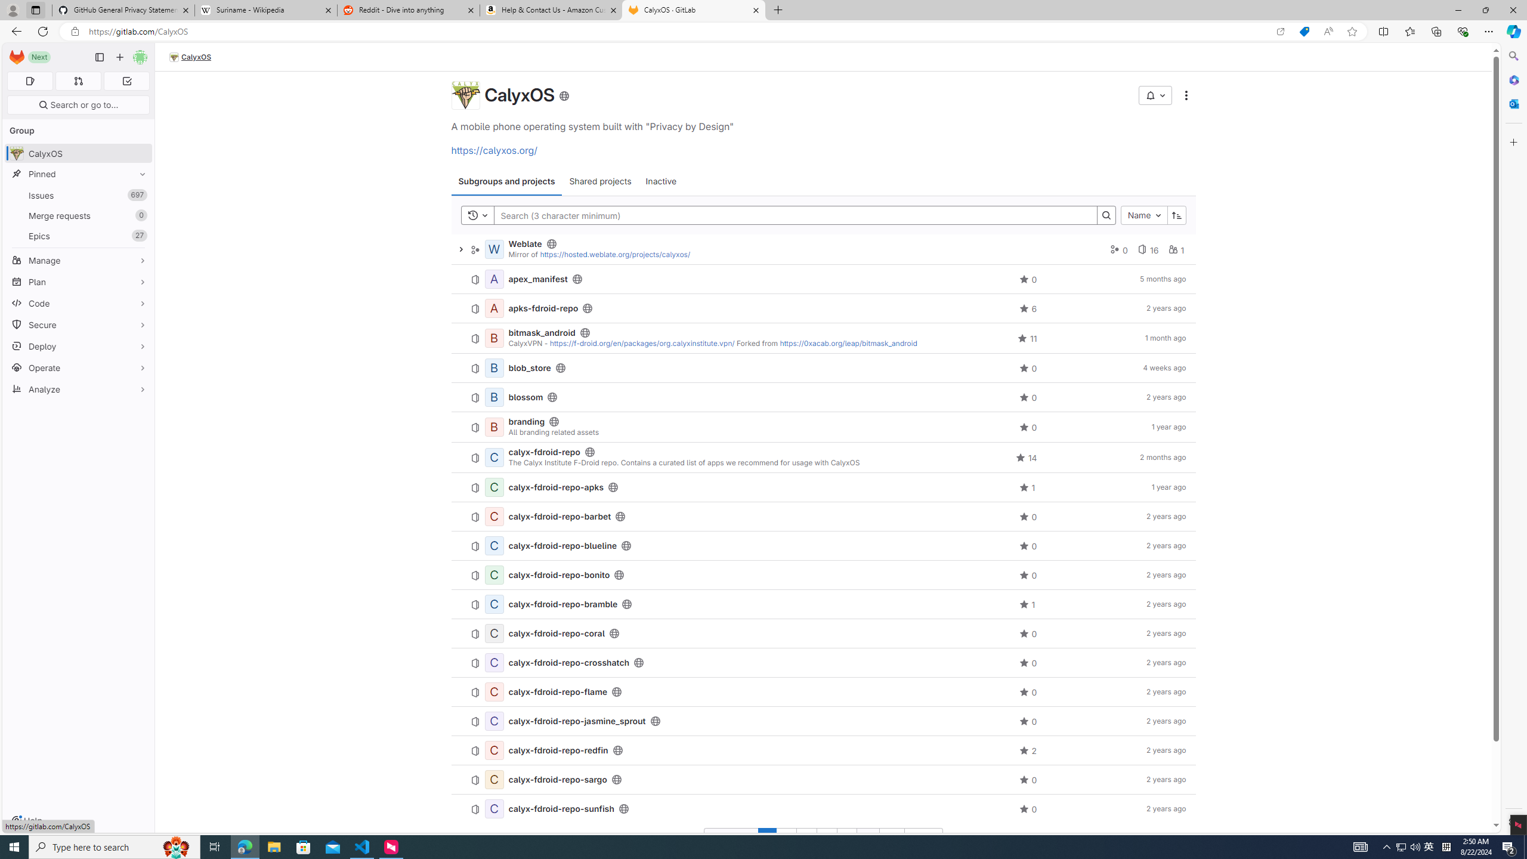 Image resolution: width=1527 pixels, height=859 pixels. Describe the element at coordinates (557, 778) in the screenshot. I see `'calyx-fdroid-repo-sargo'` at that location.